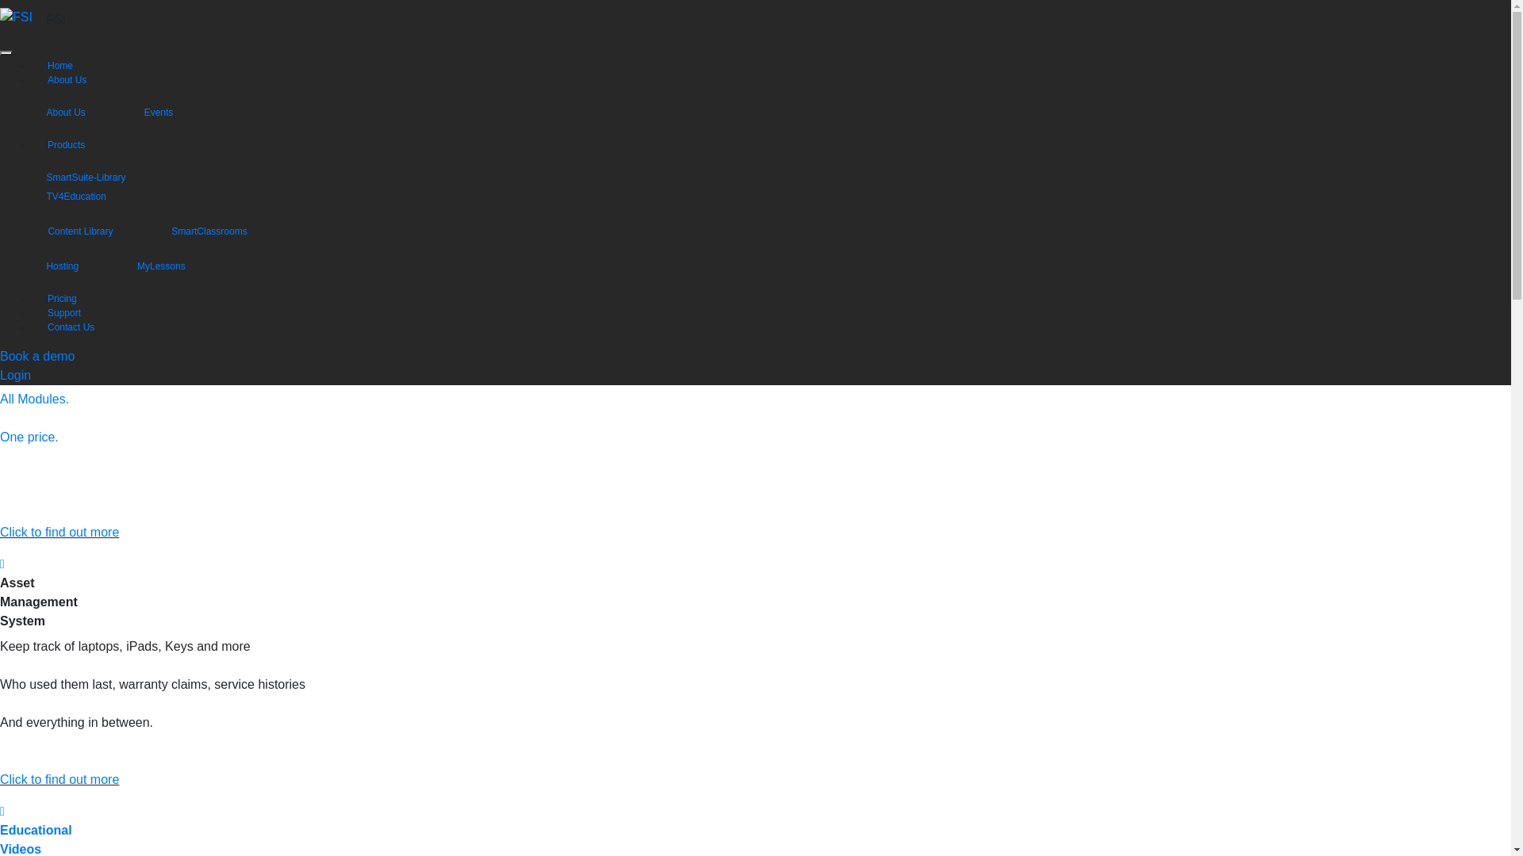  What do you see at coordinates (173, 111) in the screenshot?
I see `'Events'` at bounding box center [173, 111].